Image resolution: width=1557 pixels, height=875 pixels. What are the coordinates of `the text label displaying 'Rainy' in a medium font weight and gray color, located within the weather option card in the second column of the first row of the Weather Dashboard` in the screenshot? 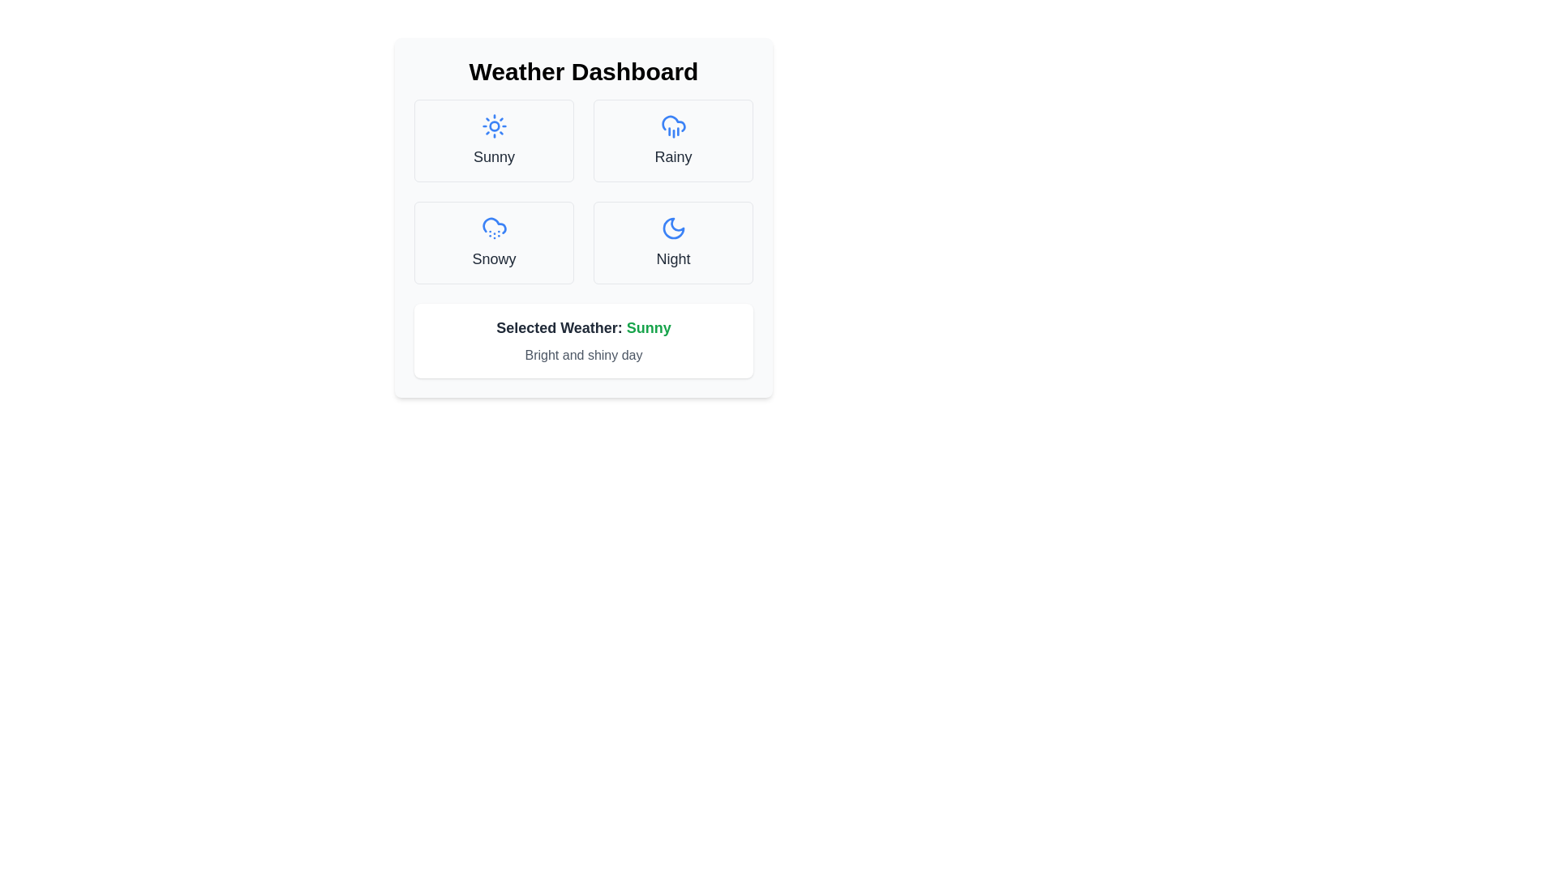 It's located at (673, 156).